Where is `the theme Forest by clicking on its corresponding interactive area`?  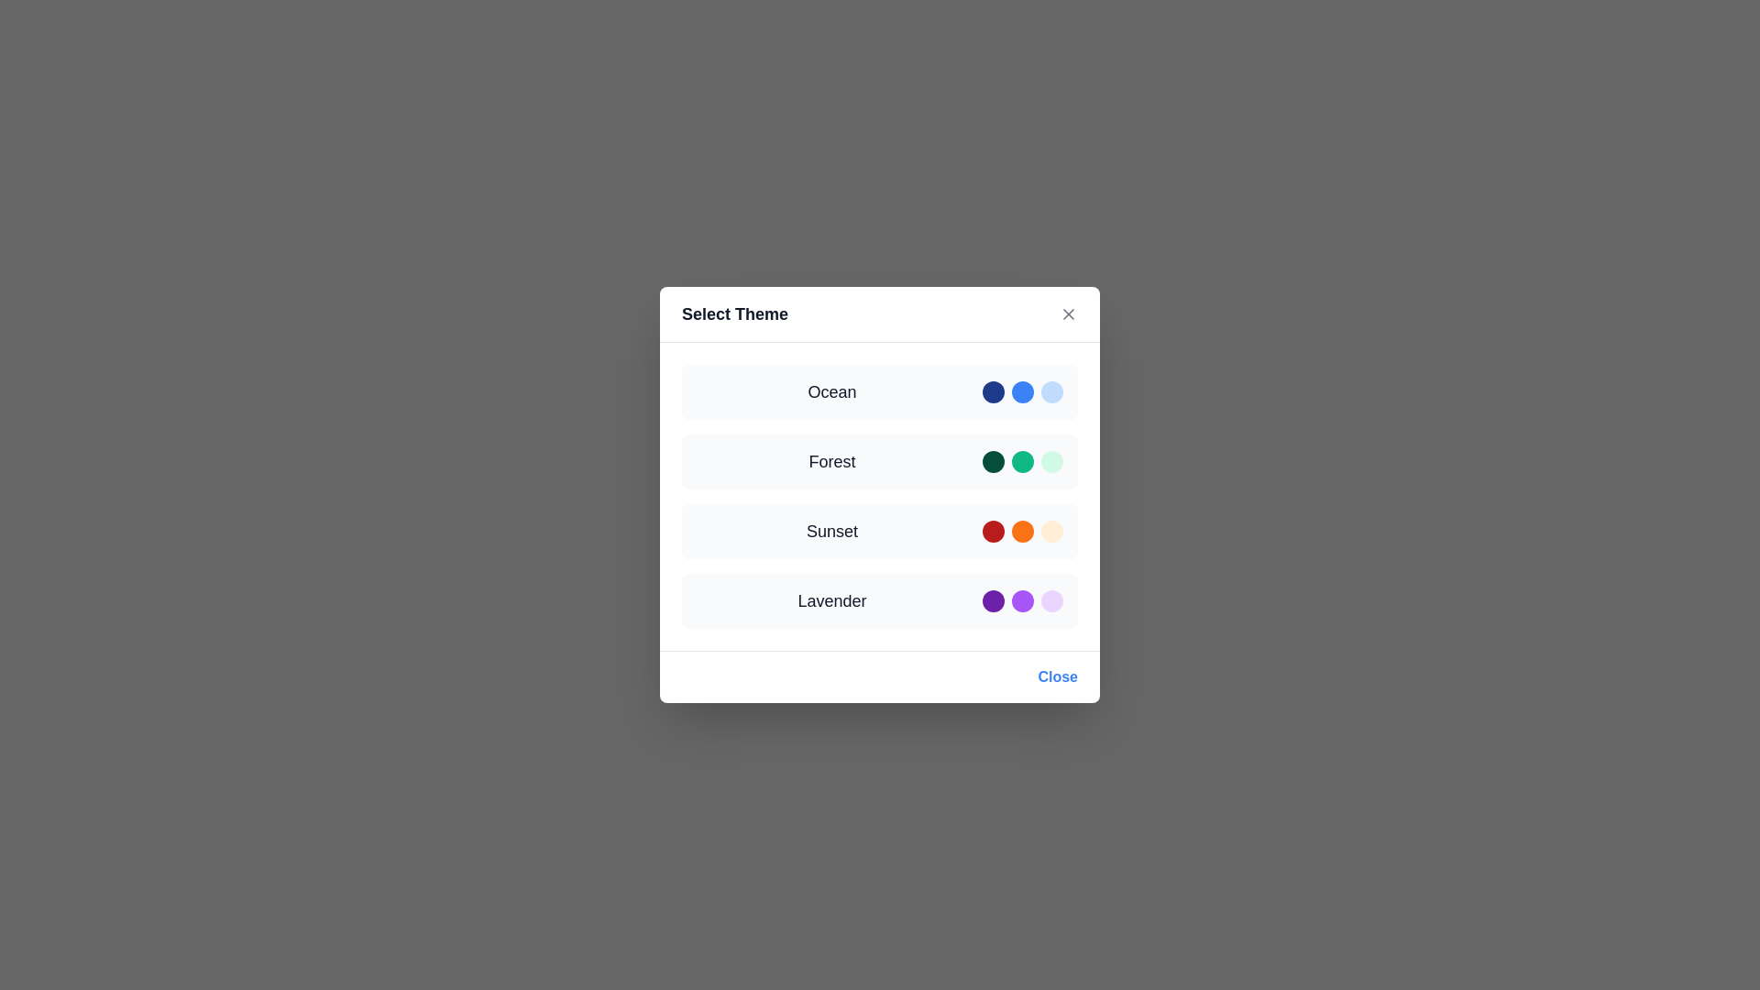 the theme Forest by clicking on its corresponding interactive area is located at coordinates (880, 461).